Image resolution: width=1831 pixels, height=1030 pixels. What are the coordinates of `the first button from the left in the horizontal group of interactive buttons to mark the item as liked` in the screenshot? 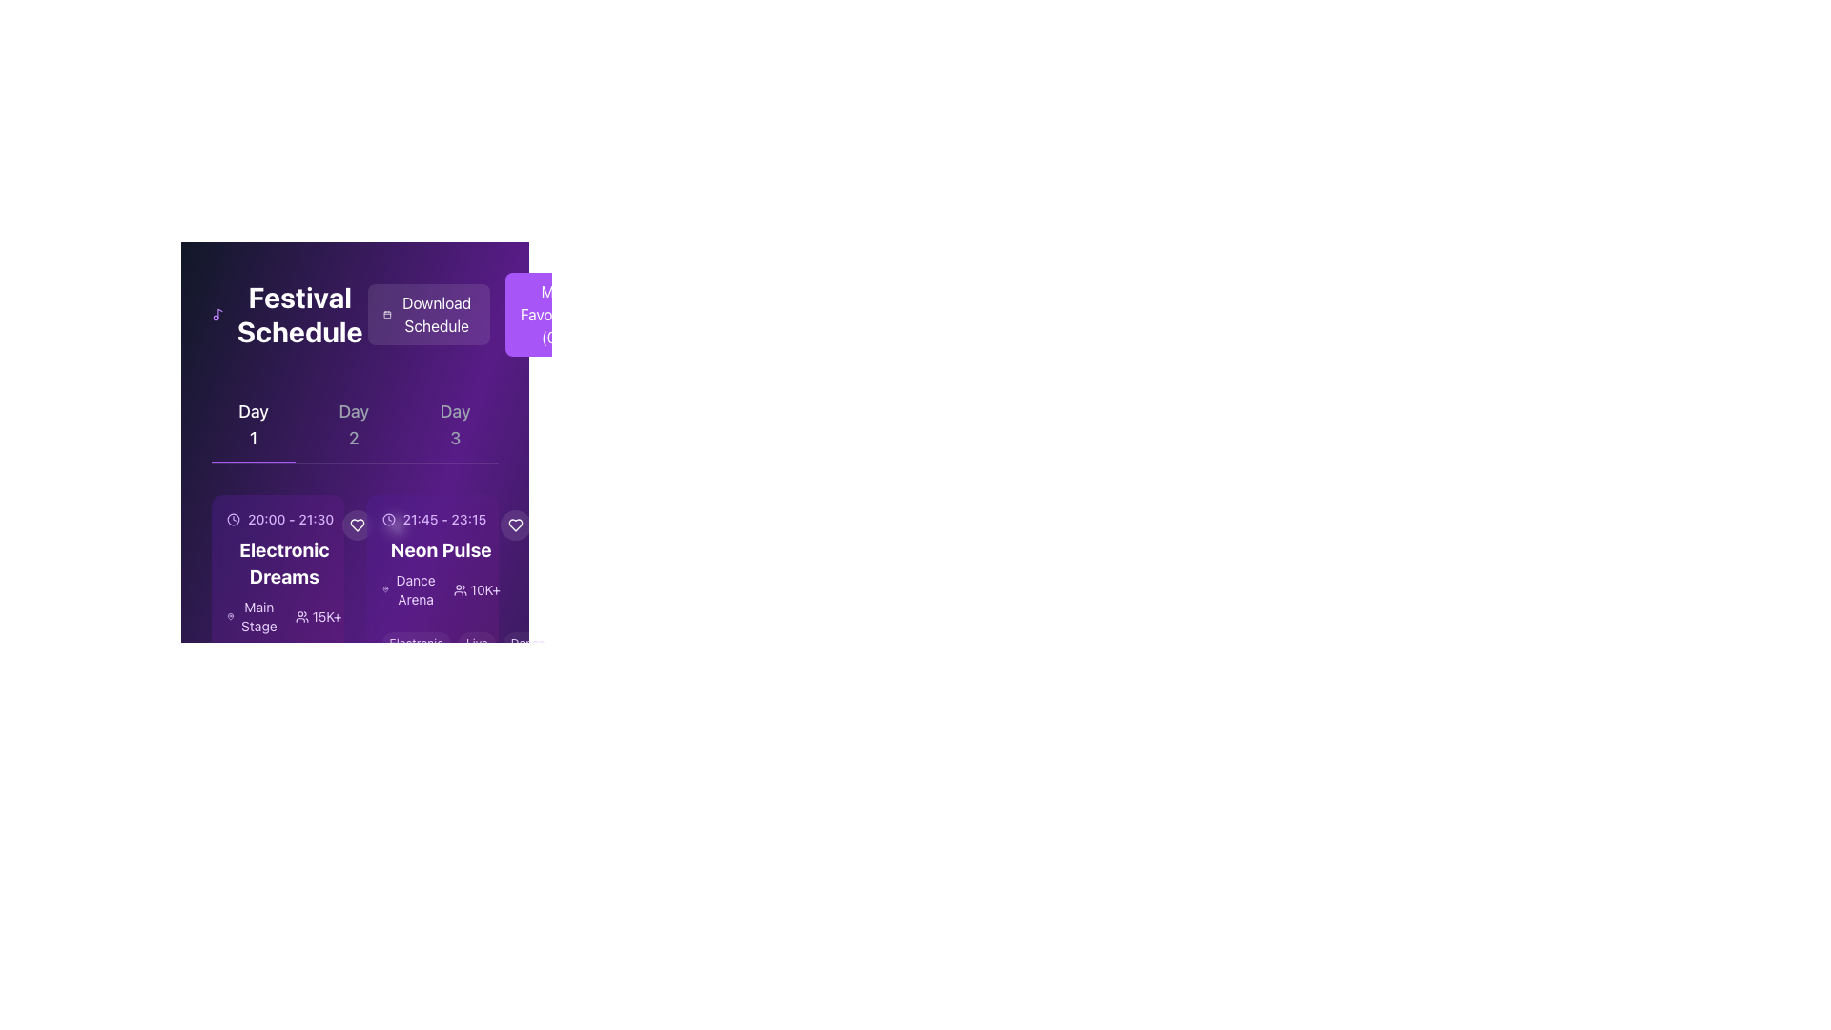 It's located at (396, 756).